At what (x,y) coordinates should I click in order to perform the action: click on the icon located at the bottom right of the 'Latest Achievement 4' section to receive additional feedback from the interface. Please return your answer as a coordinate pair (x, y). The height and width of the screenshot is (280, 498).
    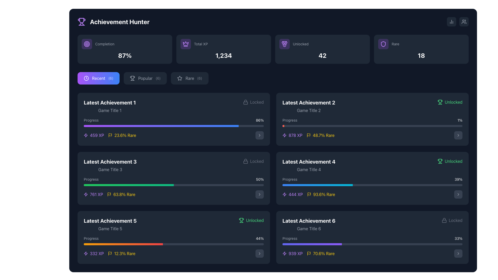
    Looking at the image, I should click on (458, 194).